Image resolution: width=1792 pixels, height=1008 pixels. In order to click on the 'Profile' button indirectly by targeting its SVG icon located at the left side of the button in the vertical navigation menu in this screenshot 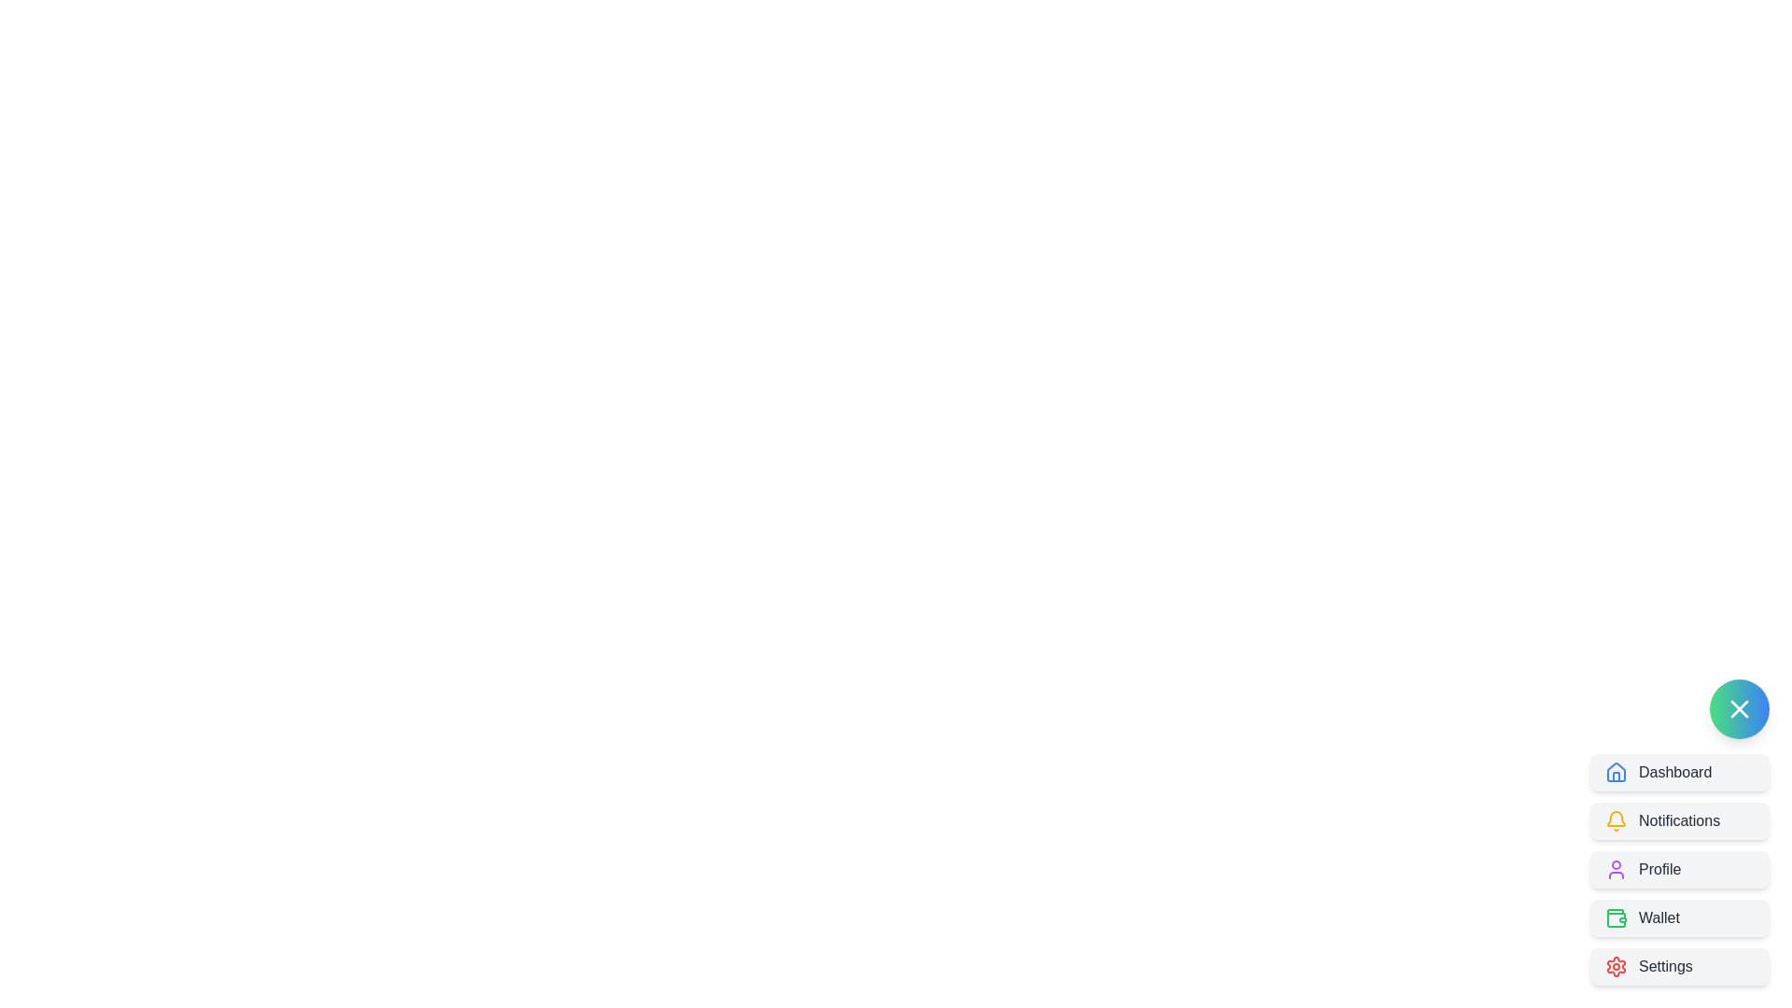, I will do `click(1616, 870)`.